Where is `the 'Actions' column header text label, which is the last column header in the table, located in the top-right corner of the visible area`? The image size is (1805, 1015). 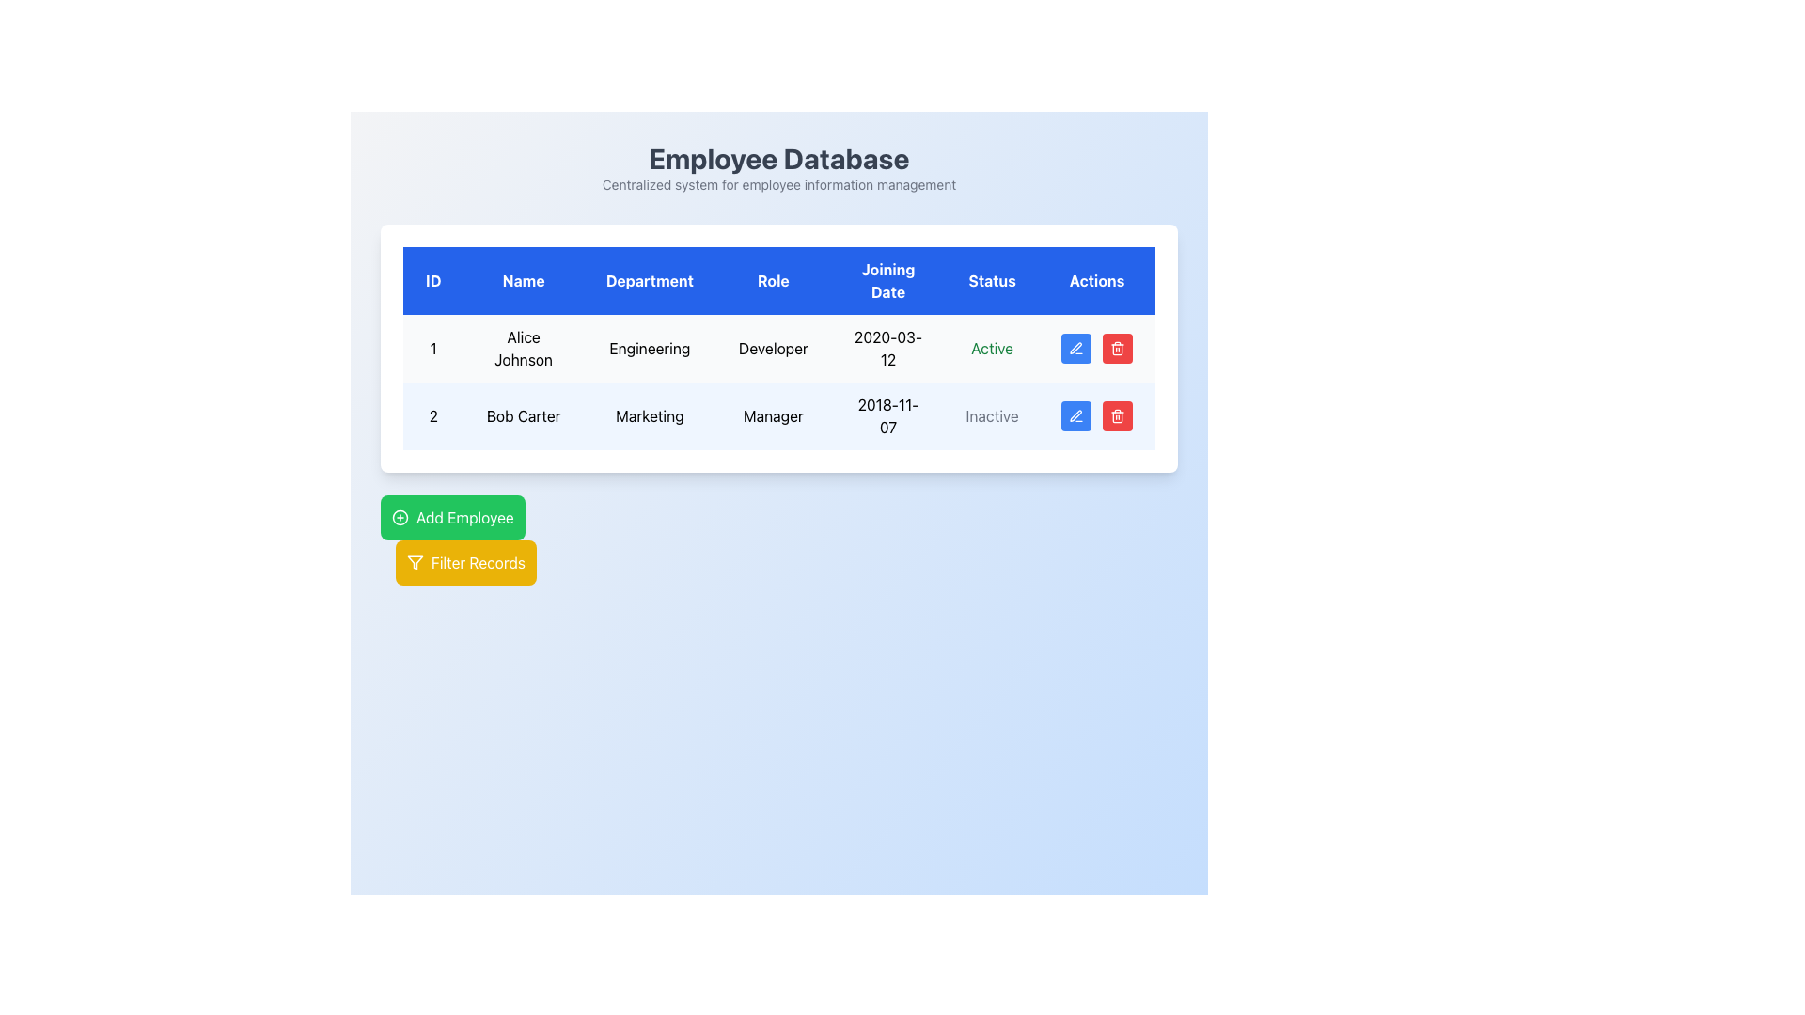
the 'Actions' column header text label, which is the last column header in the table, located in the top-right corner of the visible area is located at coordinates (1096, 281).